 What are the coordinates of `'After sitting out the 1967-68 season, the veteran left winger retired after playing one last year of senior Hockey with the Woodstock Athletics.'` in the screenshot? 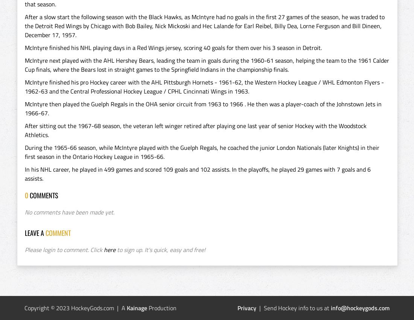 It's located at (195, 130).